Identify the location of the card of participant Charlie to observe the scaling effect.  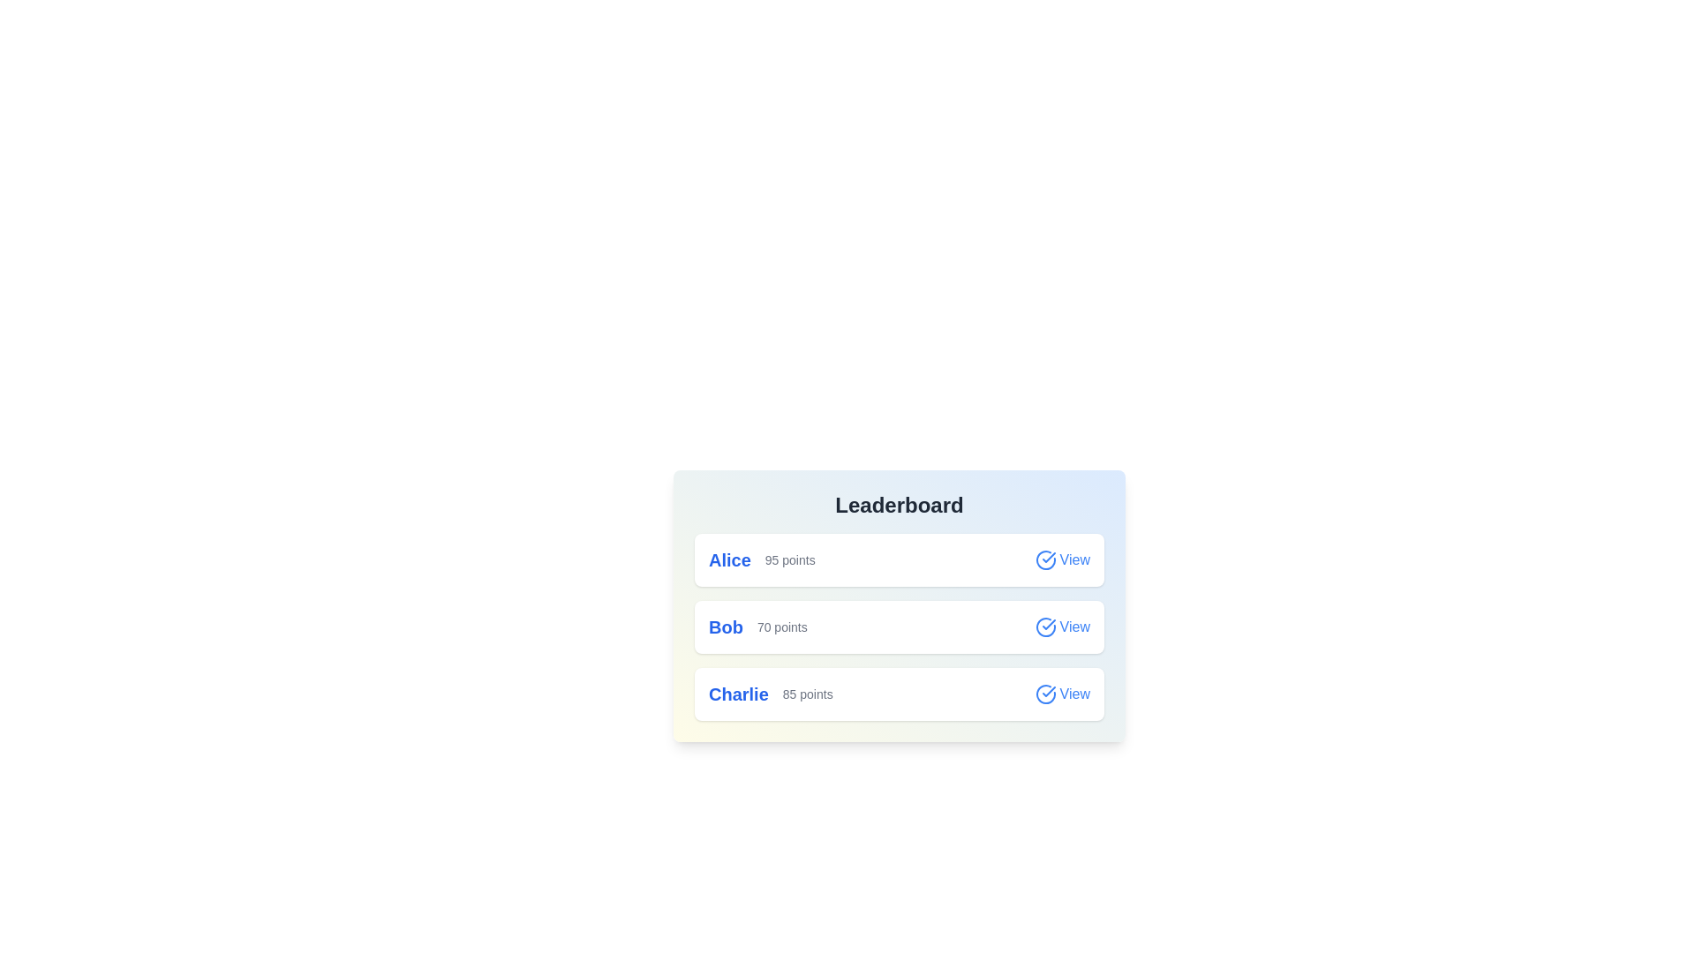
(899, 693).